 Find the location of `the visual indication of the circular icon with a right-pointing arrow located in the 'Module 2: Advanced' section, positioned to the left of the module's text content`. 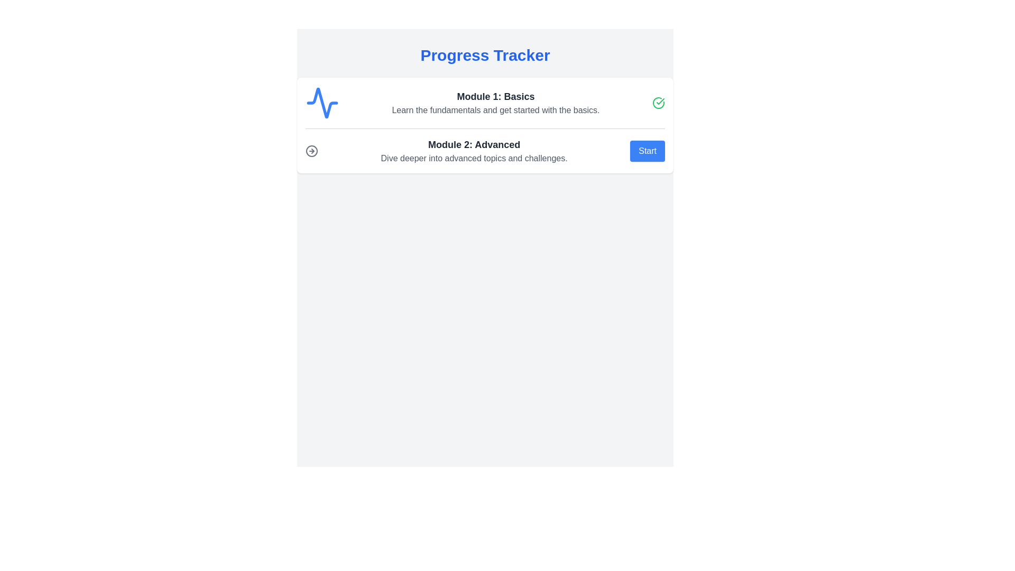

the visual indication of the circular icon with a right-pointing arrow located in the 'Module 2: Advanced' section, positioned to the left of the module's text content is located at coordinates (311, 151).